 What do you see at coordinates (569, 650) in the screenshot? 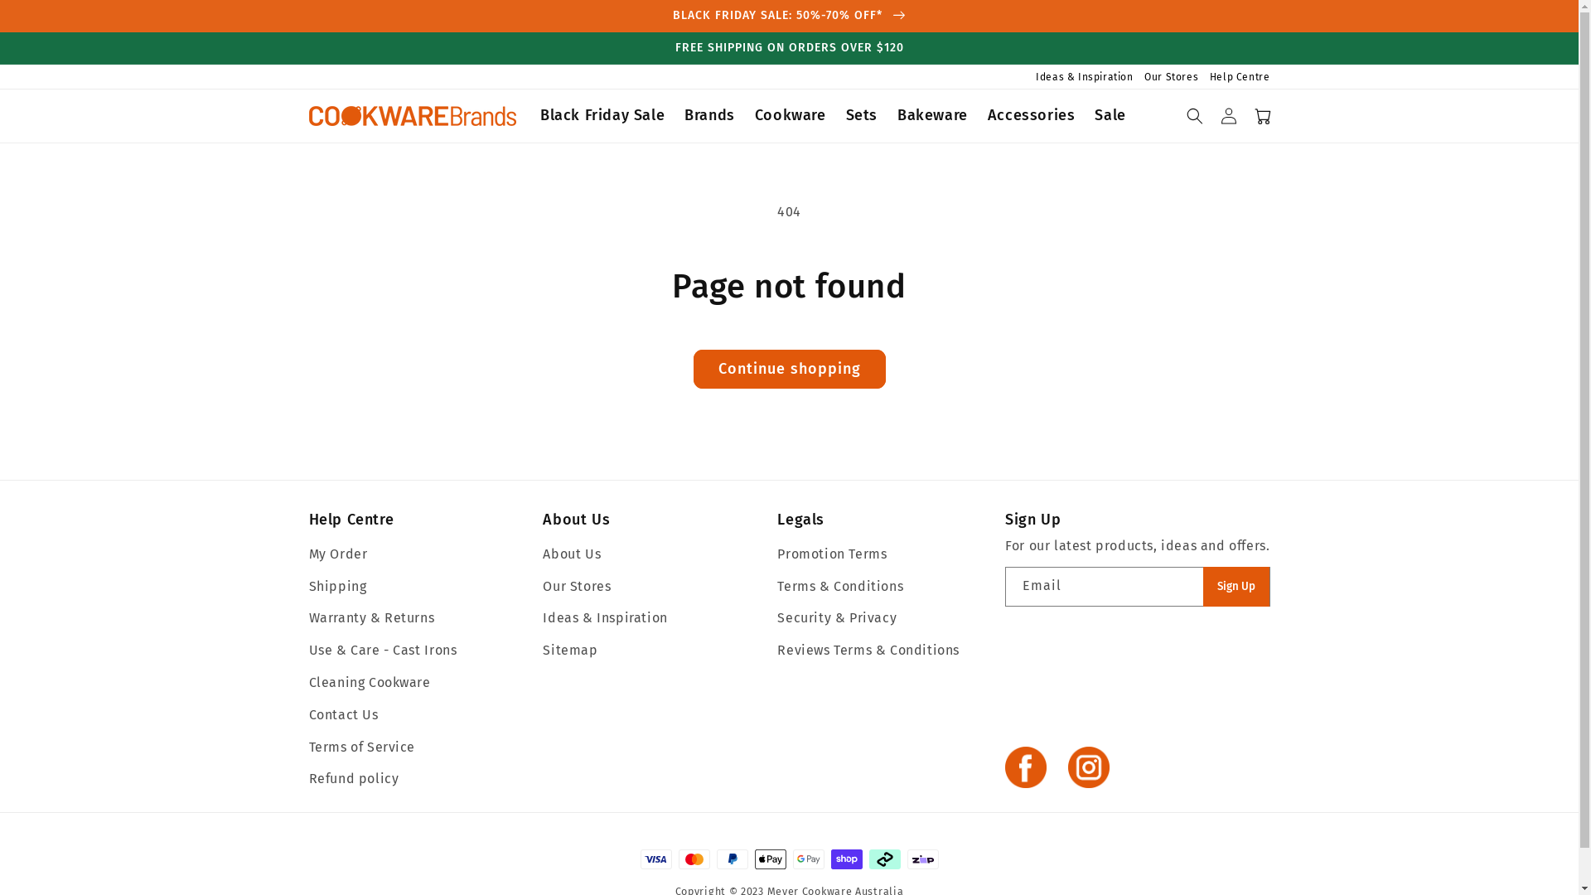
I see `'Sitemap'` at bounding box center [569, 650].